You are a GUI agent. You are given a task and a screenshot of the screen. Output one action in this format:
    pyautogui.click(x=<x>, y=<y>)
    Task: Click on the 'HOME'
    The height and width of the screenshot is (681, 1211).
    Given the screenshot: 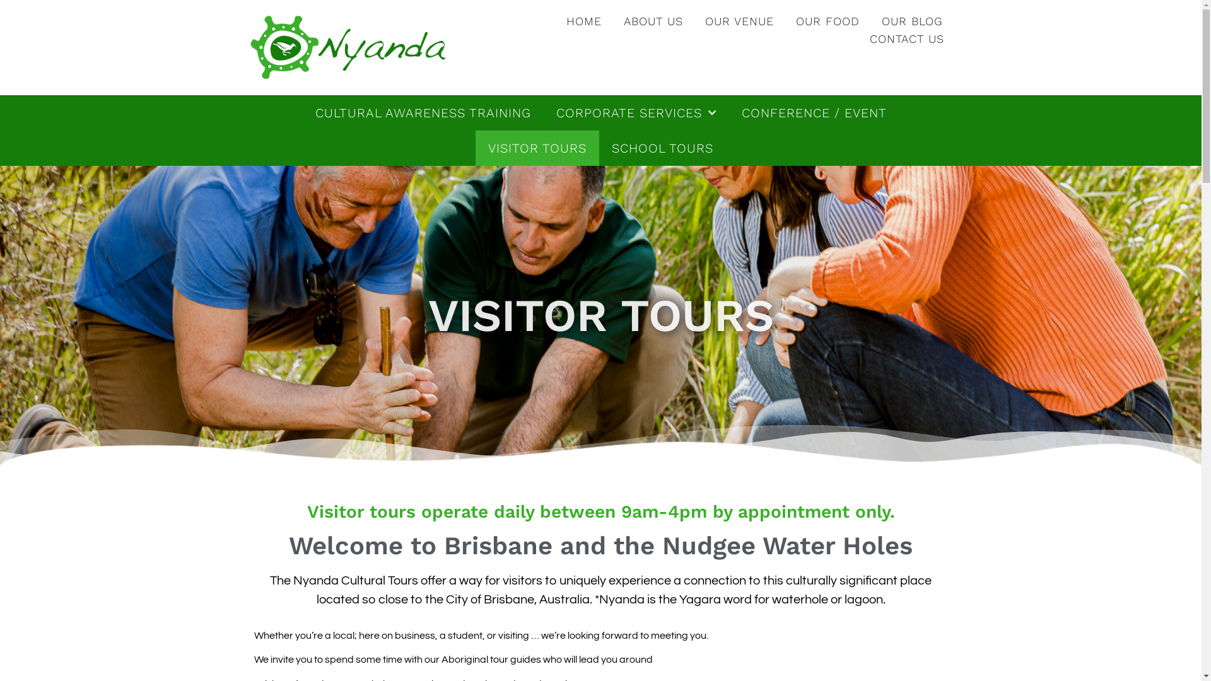 What is the action you would take?
    pyautogui.click(x=556, y=21)
    